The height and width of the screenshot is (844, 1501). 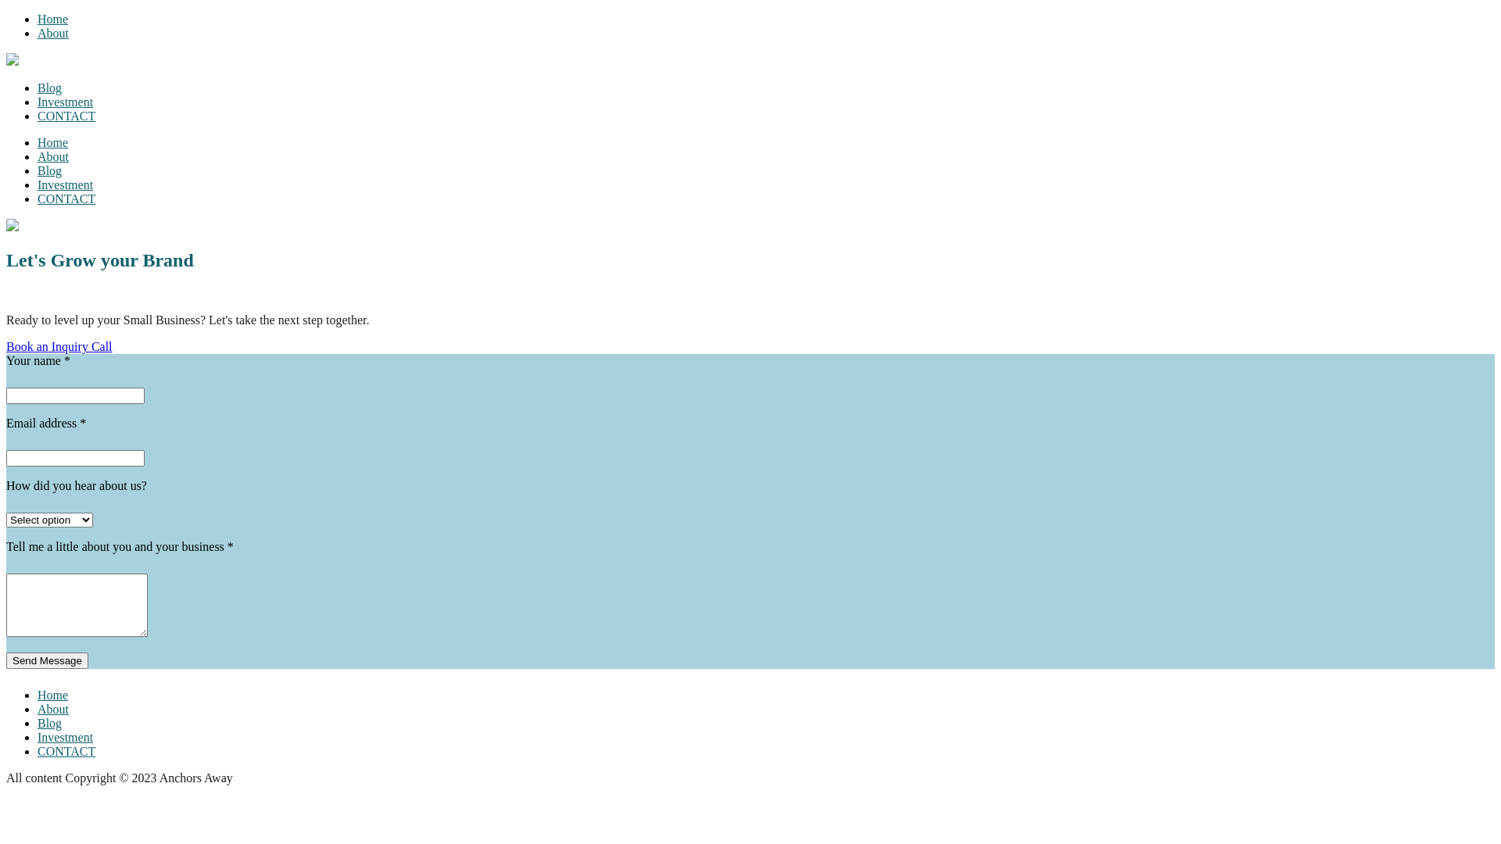 I want to click on 'Home', so click(x=52, y=142).